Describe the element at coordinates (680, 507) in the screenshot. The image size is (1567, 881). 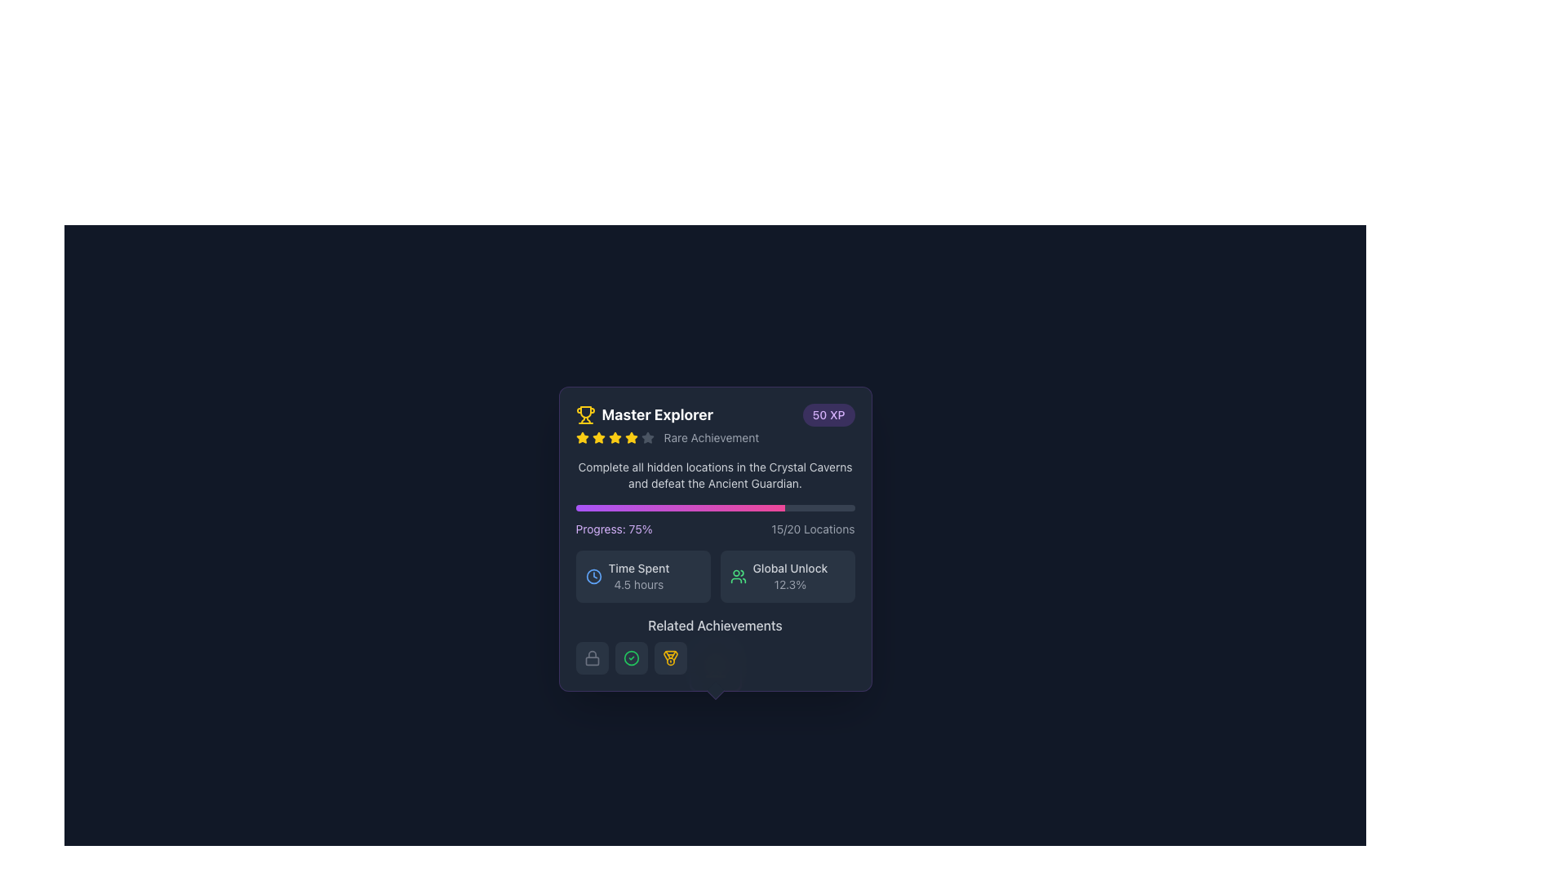
I see `the progress indicator, which is a gradient-filled area within a horizontal progress bar with rounded edges, representing the completion status` at that location.